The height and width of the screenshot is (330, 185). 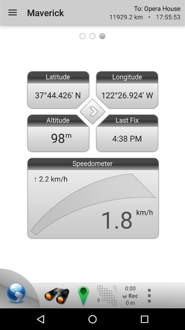 I want to click on start recording, so click(x=130, y=295).